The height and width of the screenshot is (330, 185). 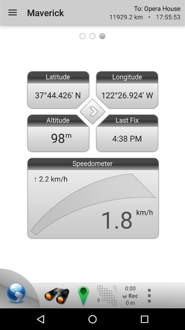 I want to click on start recording, so click(x=130, y=295).